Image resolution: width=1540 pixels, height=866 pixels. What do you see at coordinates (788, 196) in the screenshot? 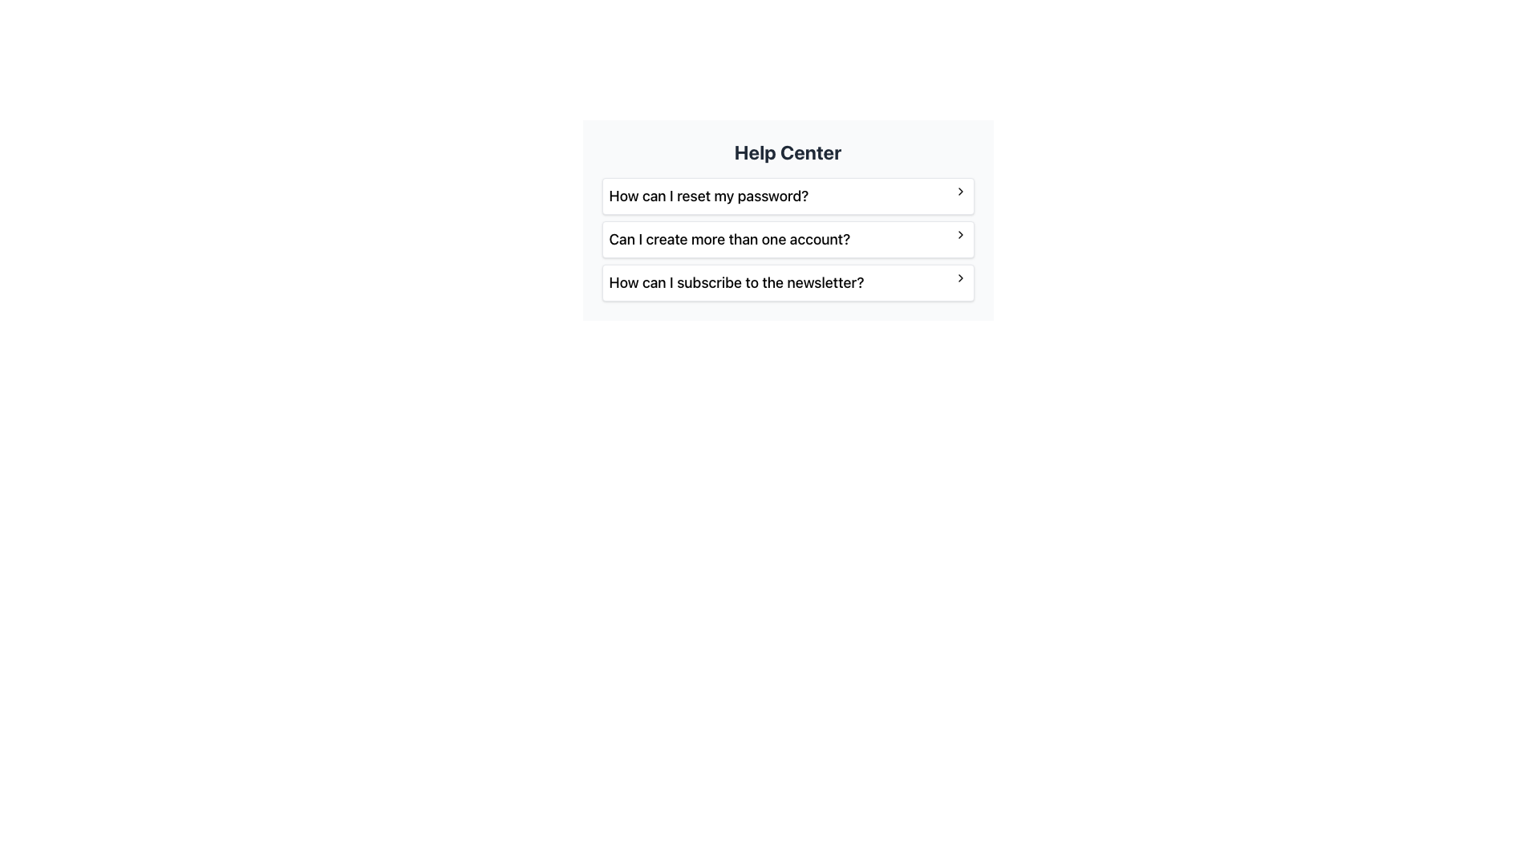
I see `the first clickable FAQ entry related to resetting a password` at bounding box center [788, 196].